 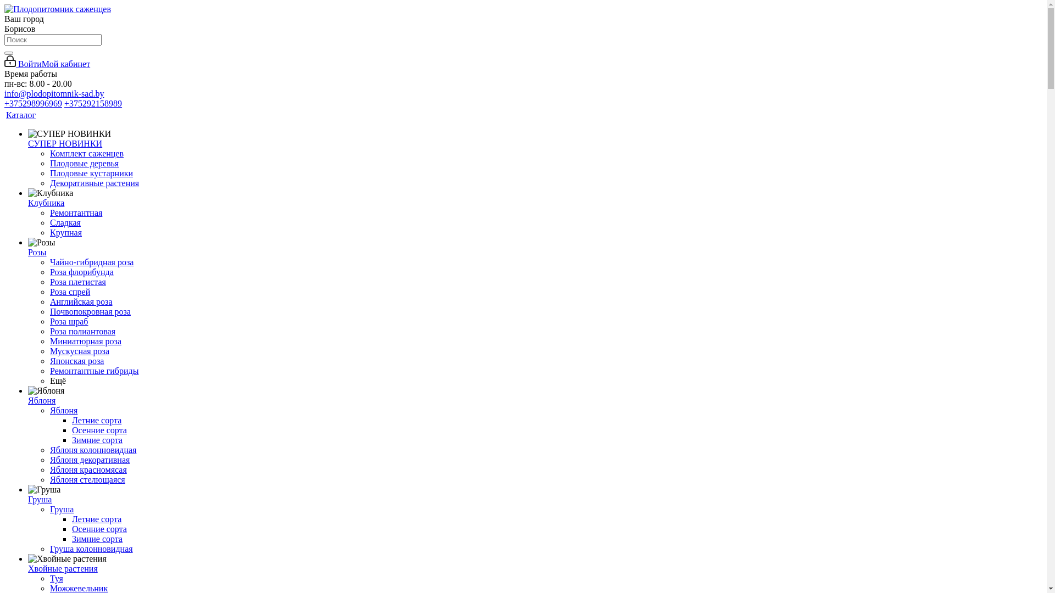 I want to click on '+375298996969', so click(x=33, y=103).